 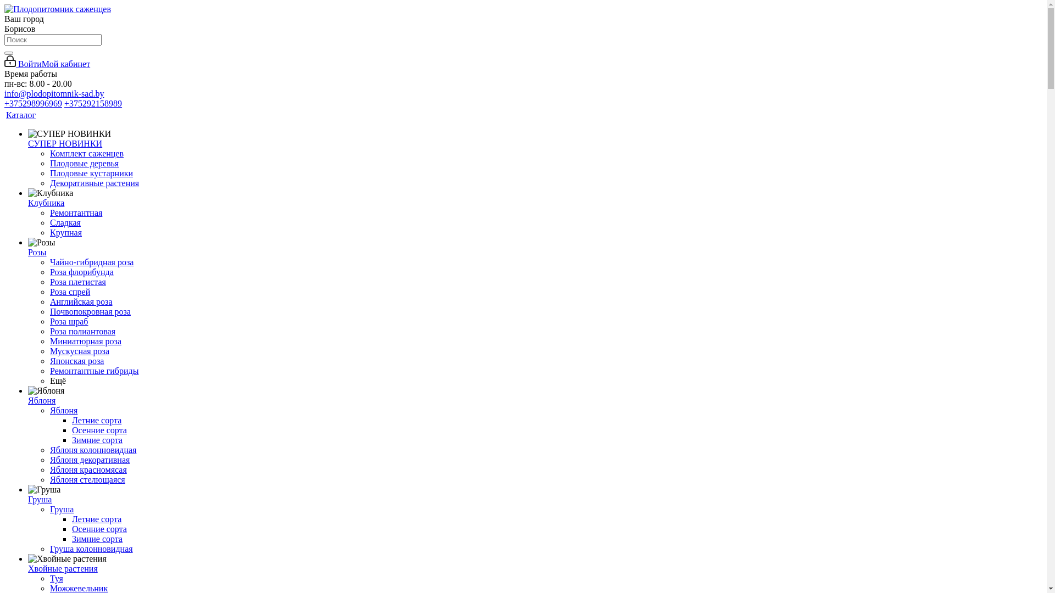 I want to click on '+375298996969', so click(x=33, y=103).